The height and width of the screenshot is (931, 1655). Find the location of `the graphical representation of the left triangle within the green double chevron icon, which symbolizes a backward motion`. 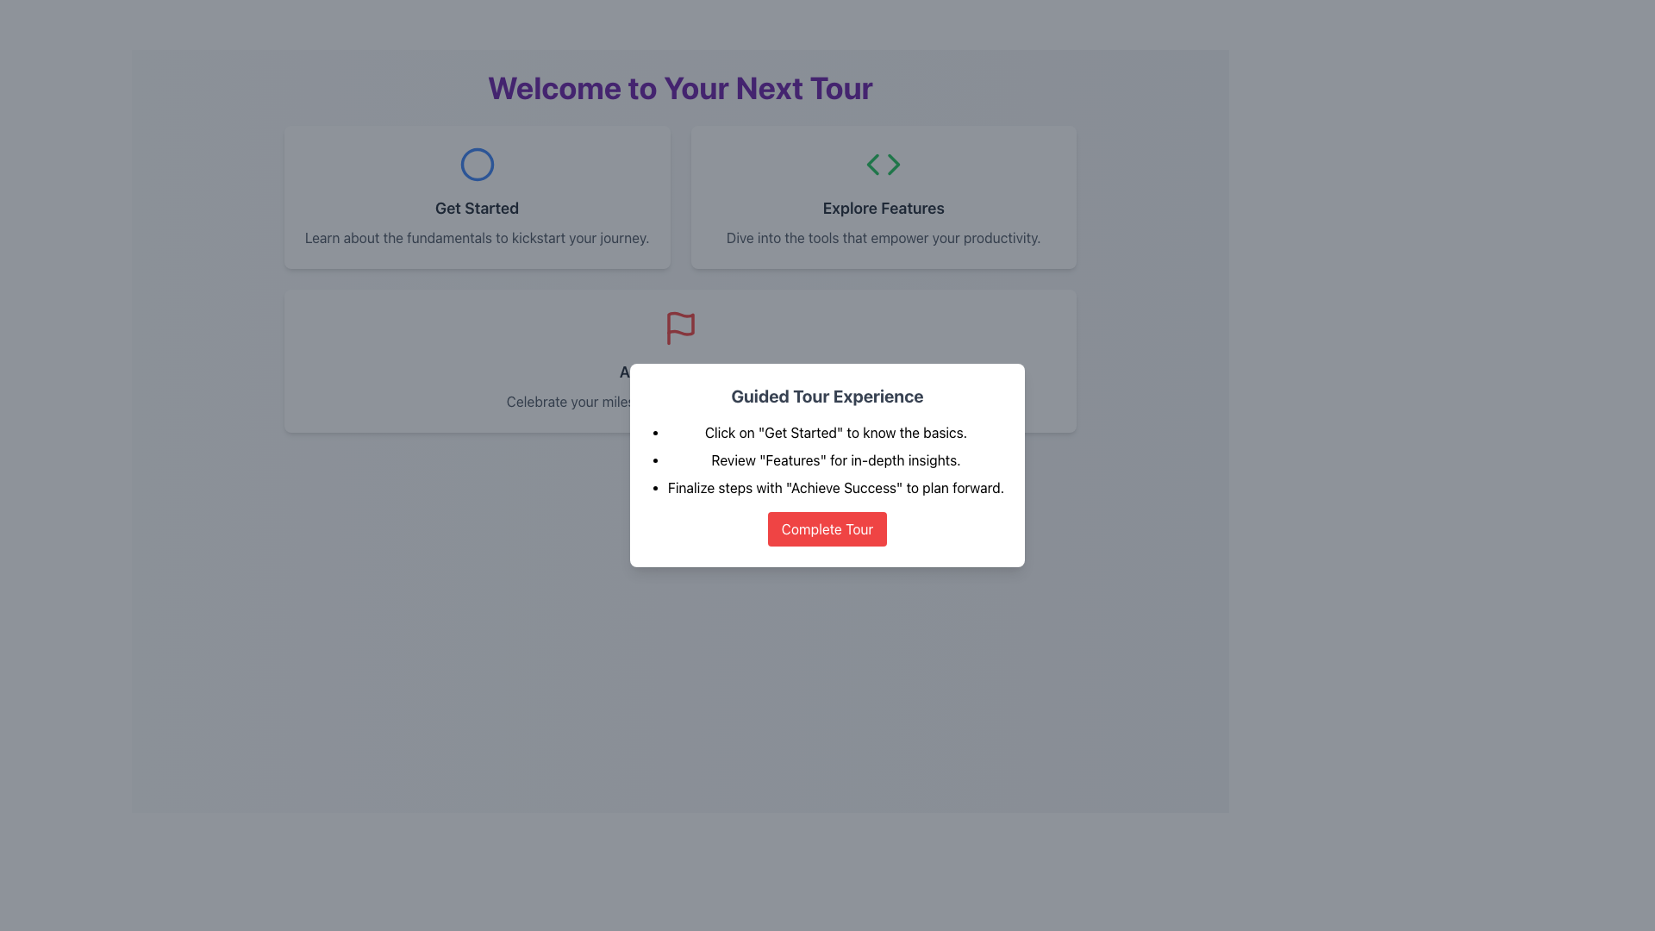

the graphical representation of the left triangle within the green double chevron icon, which symbolizes a backward motion is located at coordinates (873, 165).